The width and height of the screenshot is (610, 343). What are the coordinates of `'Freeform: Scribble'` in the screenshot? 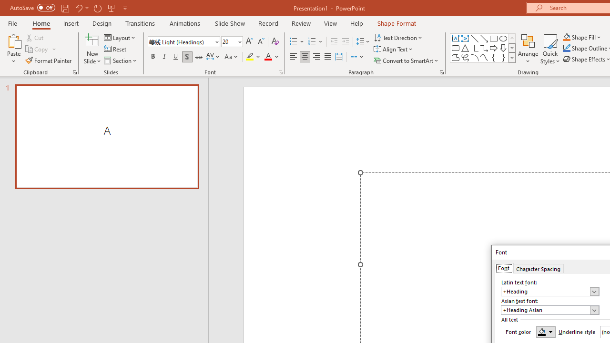 It's located at (465, 57).